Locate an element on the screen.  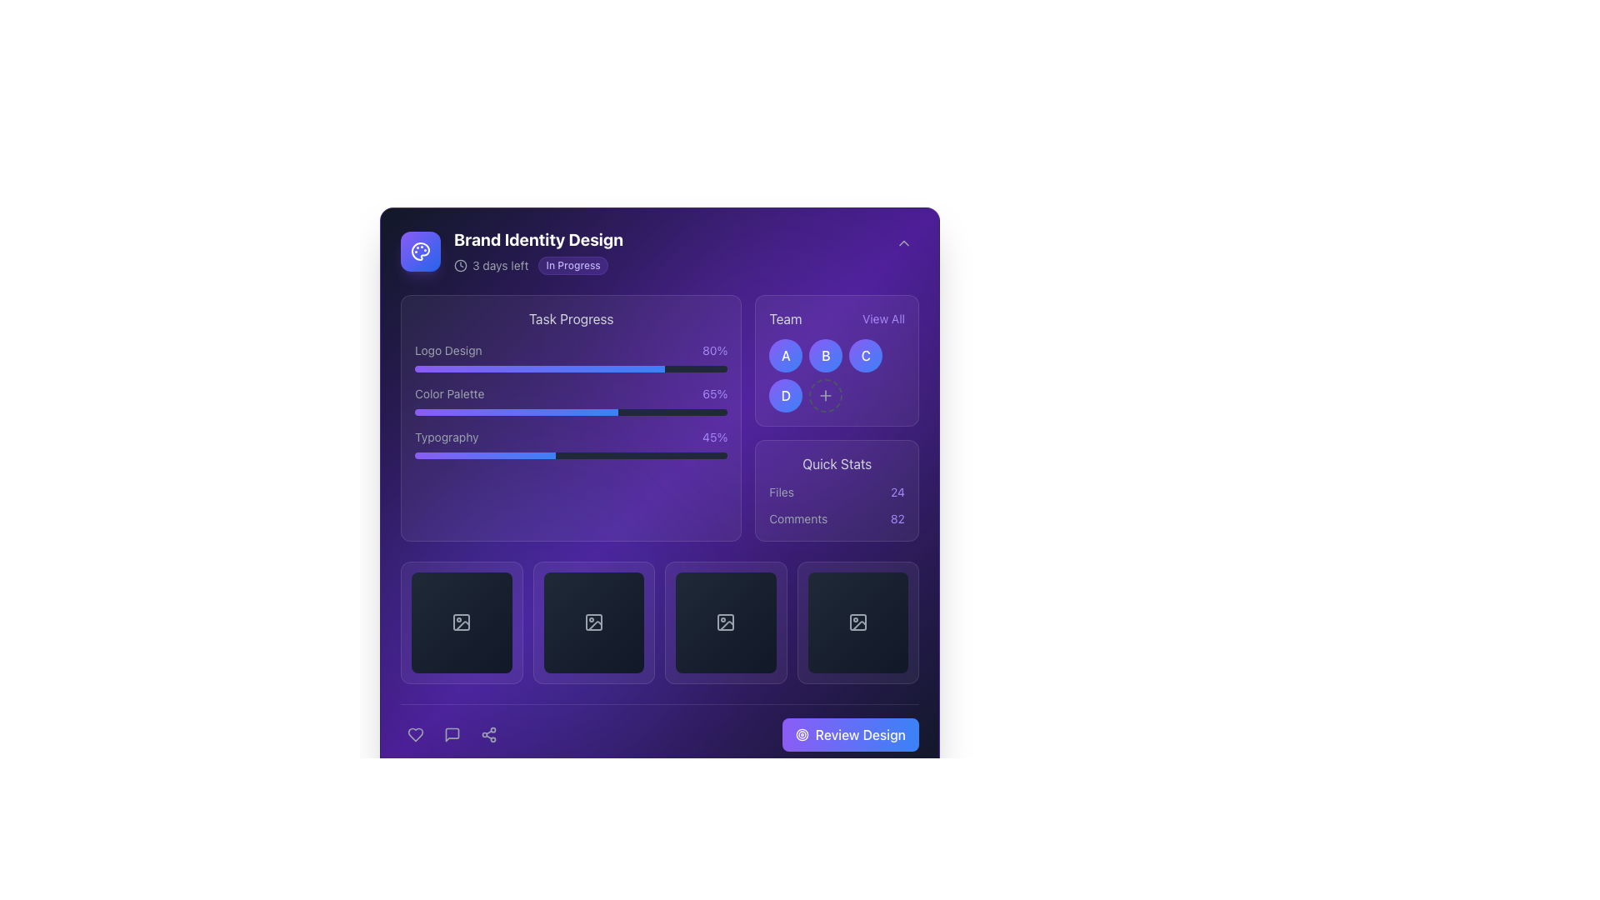
the Decorative Icon, a circular palette representing paint or color options, located in the top-right quadrant of the interface within the 'Team' section is located at coordinates (420, 251).